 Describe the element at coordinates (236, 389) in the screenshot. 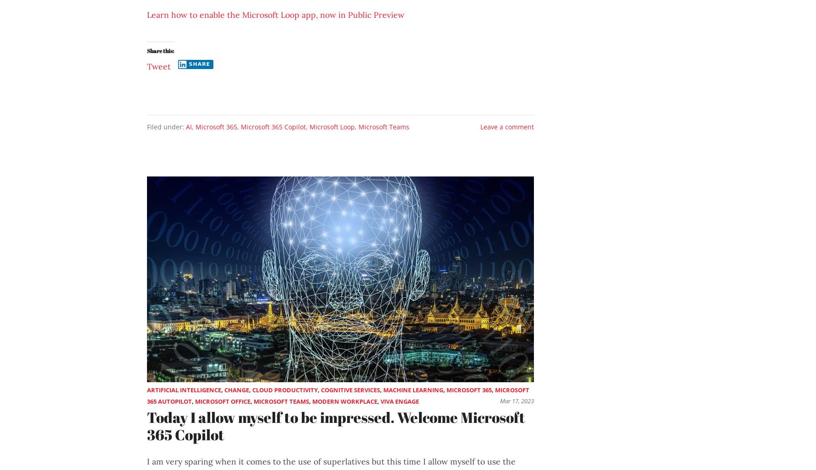

I see `'Change'` at that location.